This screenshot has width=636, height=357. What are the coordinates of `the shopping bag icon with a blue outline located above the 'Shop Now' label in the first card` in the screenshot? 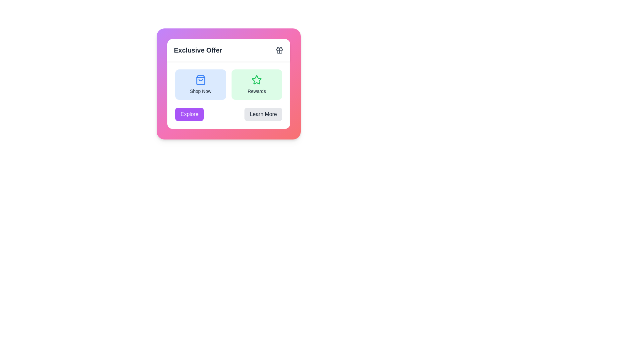 It's located at (200, 80).